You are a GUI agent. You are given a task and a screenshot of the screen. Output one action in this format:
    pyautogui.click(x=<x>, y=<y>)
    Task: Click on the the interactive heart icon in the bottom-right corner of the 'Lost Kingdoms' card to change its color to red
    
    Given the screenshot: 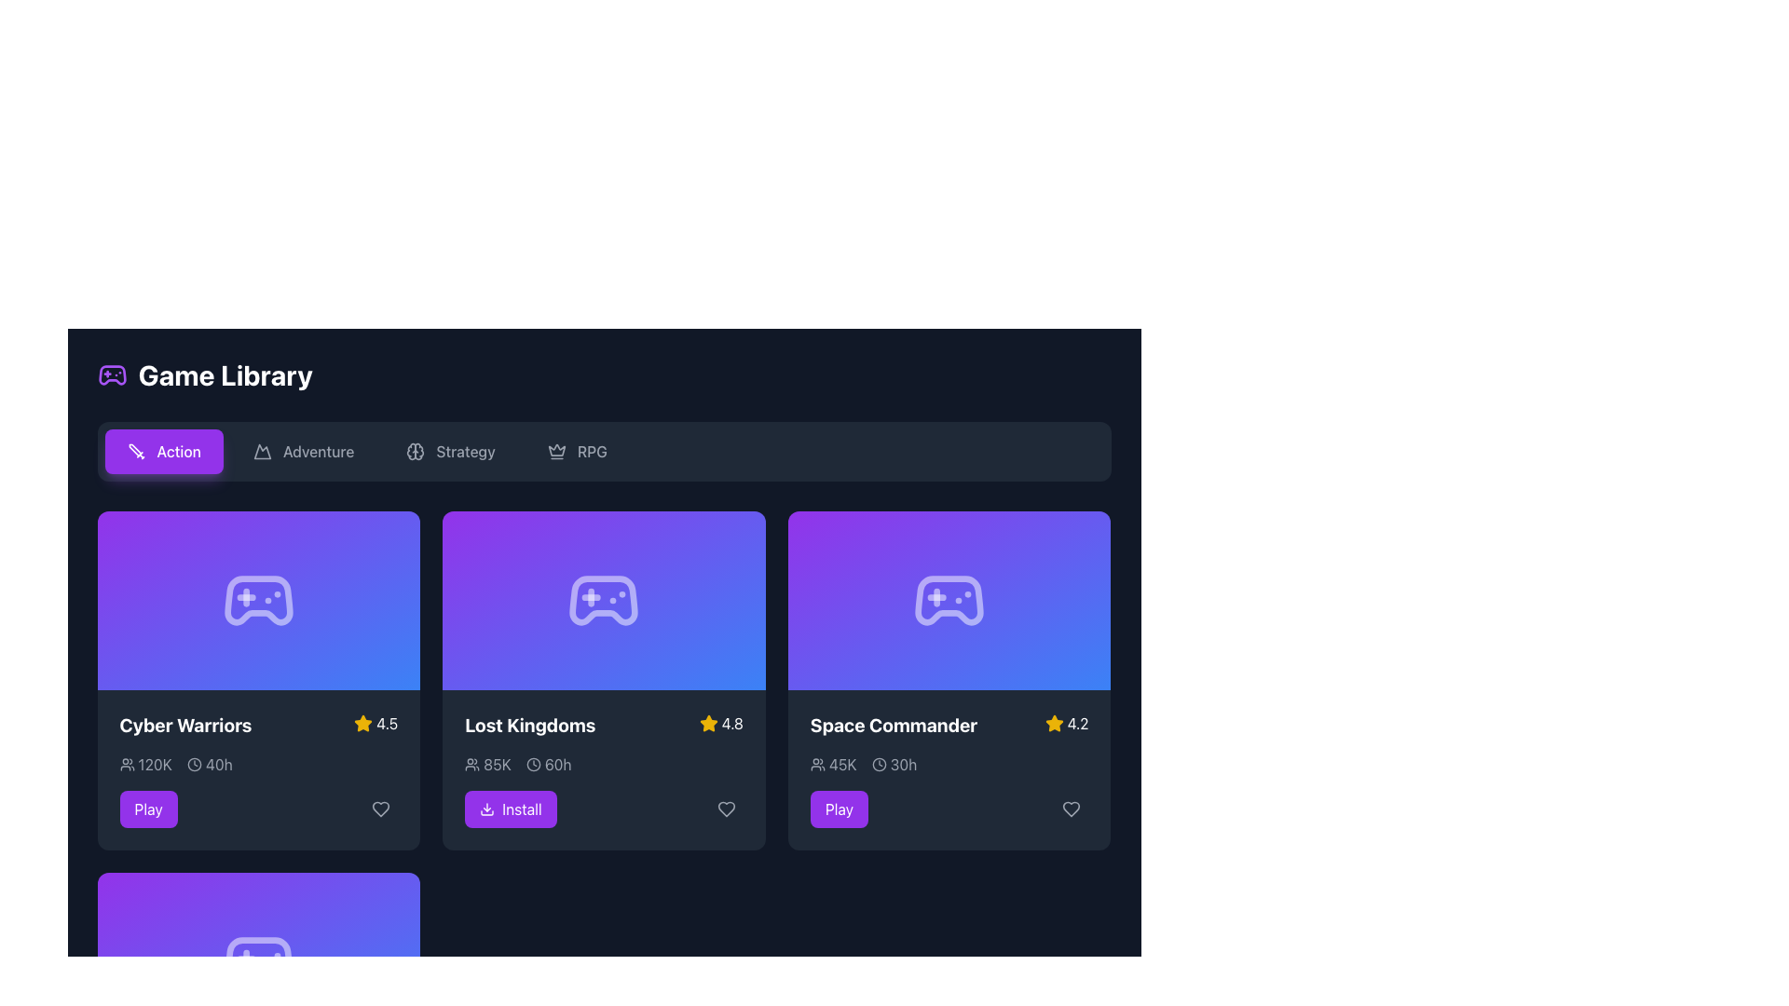 What is the action you would take?
    pyautogui.click(x=725, y=808)
    